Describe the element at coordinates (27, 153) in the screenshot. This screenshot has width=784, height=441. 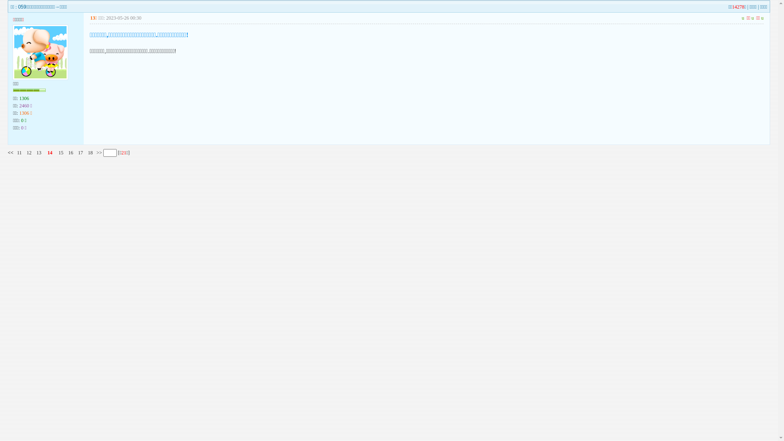
I see `'12'` at that location.